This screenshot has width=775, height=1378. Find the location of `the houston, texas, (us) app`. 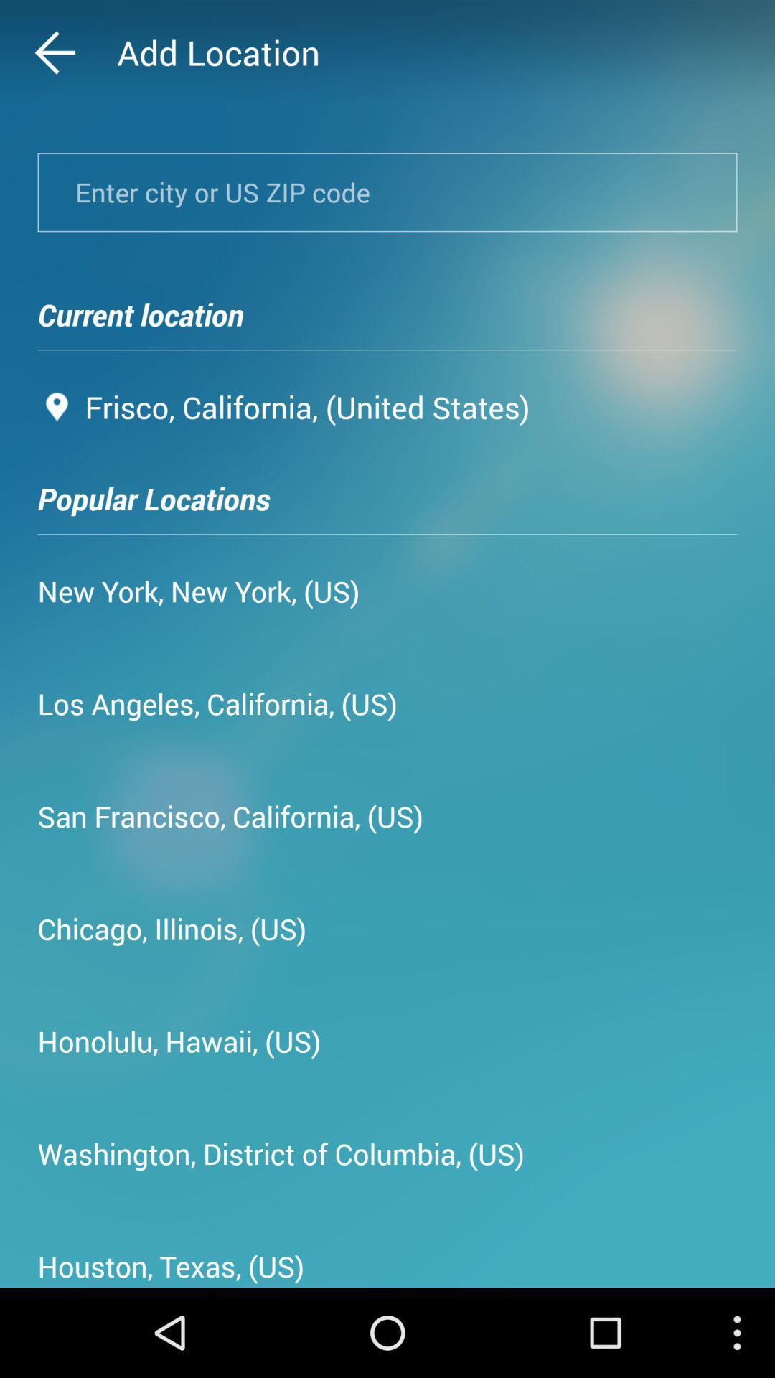

the houston, texas, (us) app is located at coordinates (170, 1260).